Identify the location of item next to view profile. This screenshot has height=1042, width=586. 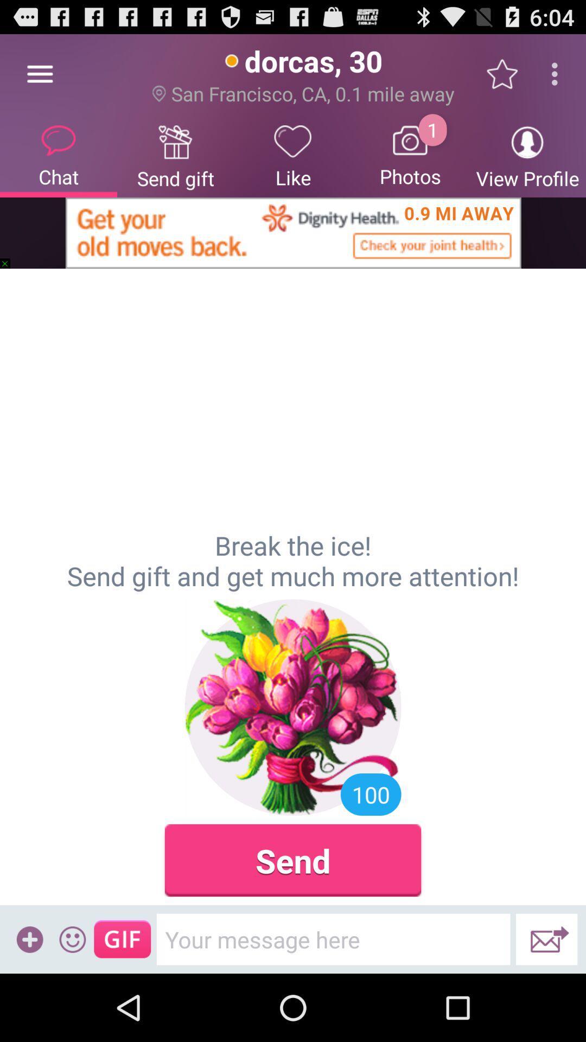
(410, 155).